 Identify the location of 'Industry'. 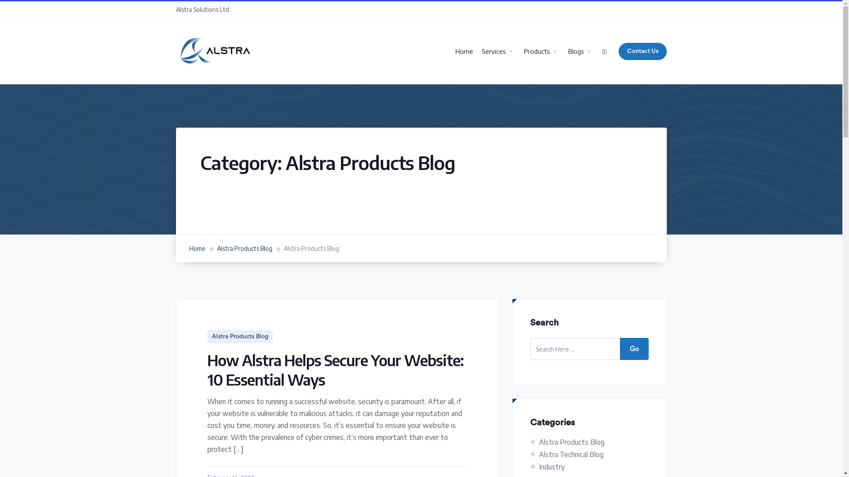
(551, 466).